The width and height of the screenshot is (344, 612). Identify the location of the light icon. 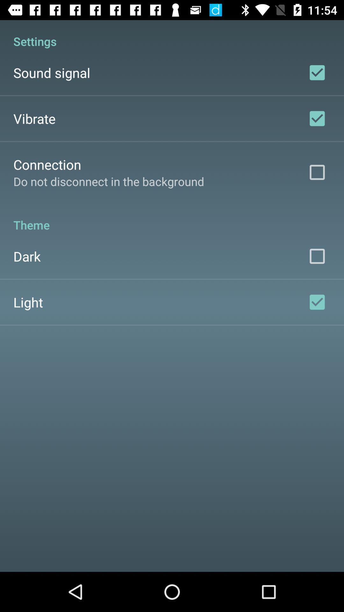
(28, 302).